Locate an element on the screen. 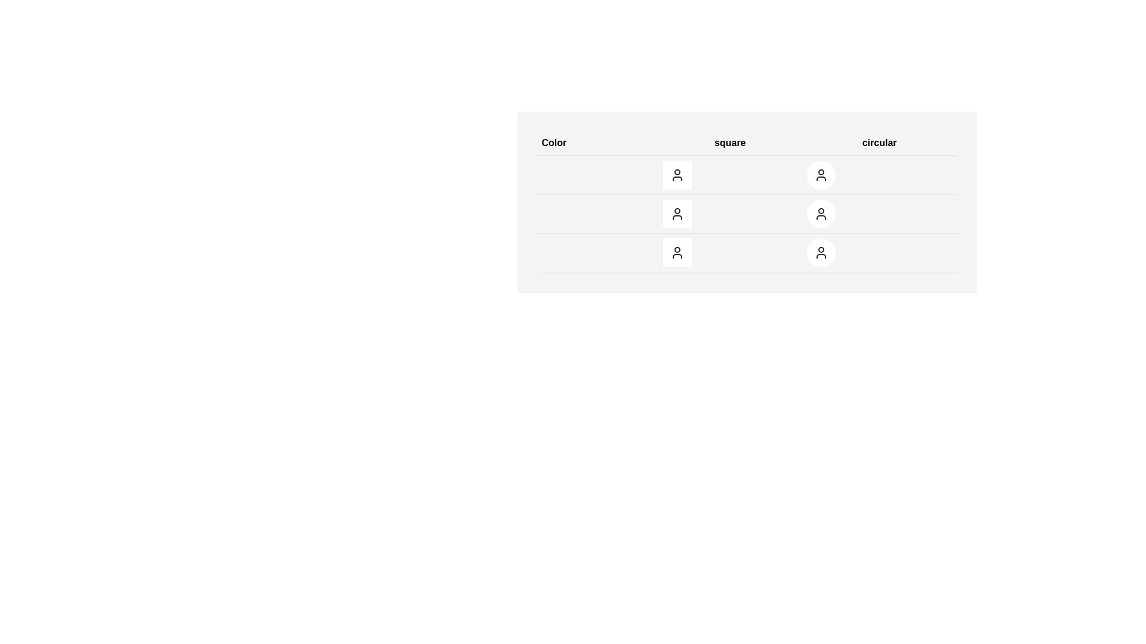 This screenshot has height=644, width=1146. the appearance of the user icon in the first position of the 'square' column in the grid layout is located at coordinates (677, 175).